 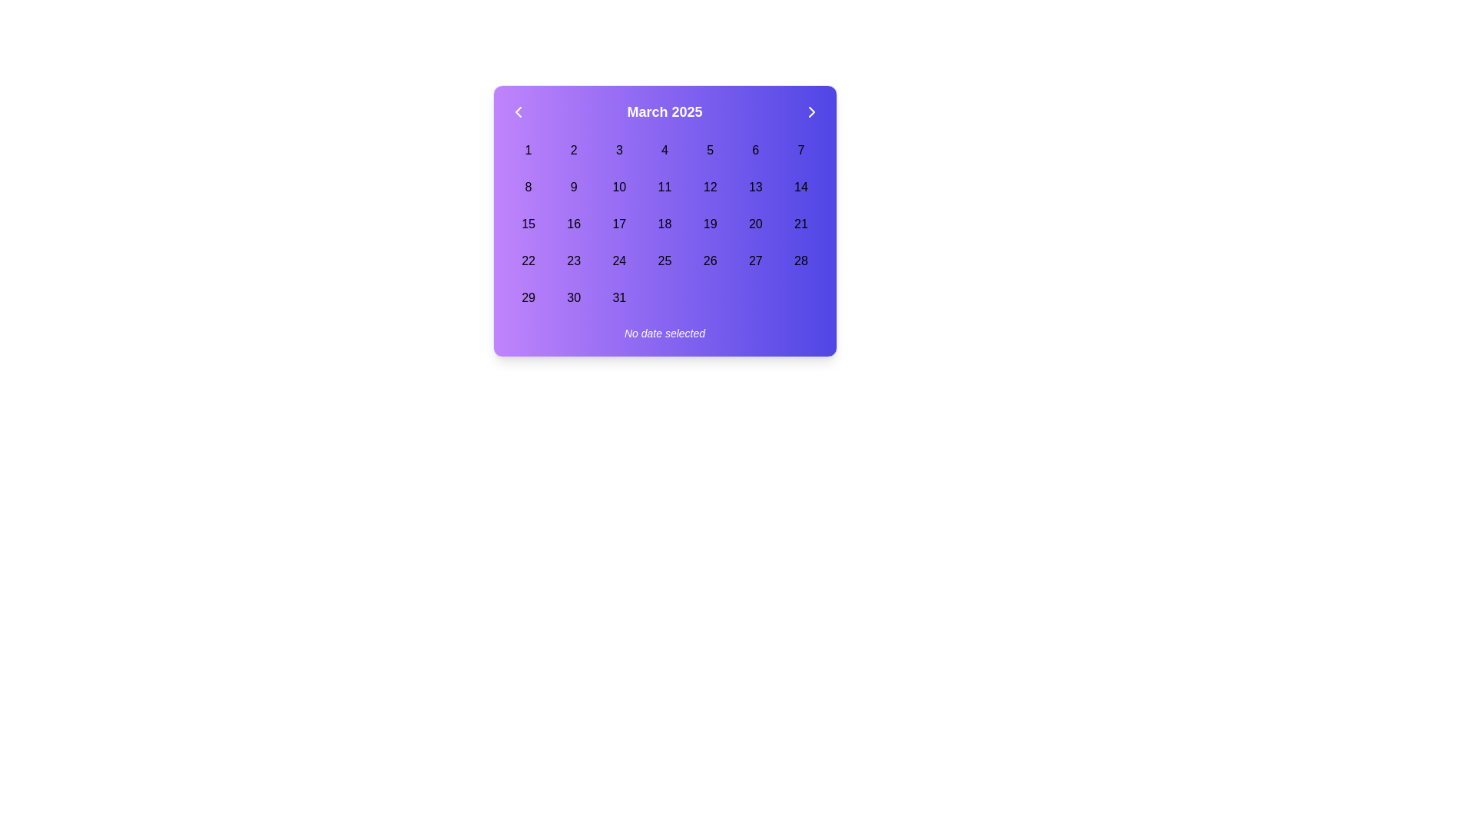 What do you see at coordinates (709, 224) in the screenshot?
I see `the button representing the calendar date, specifically the 19th day of the displayed month` at bounding box center [709, 224].